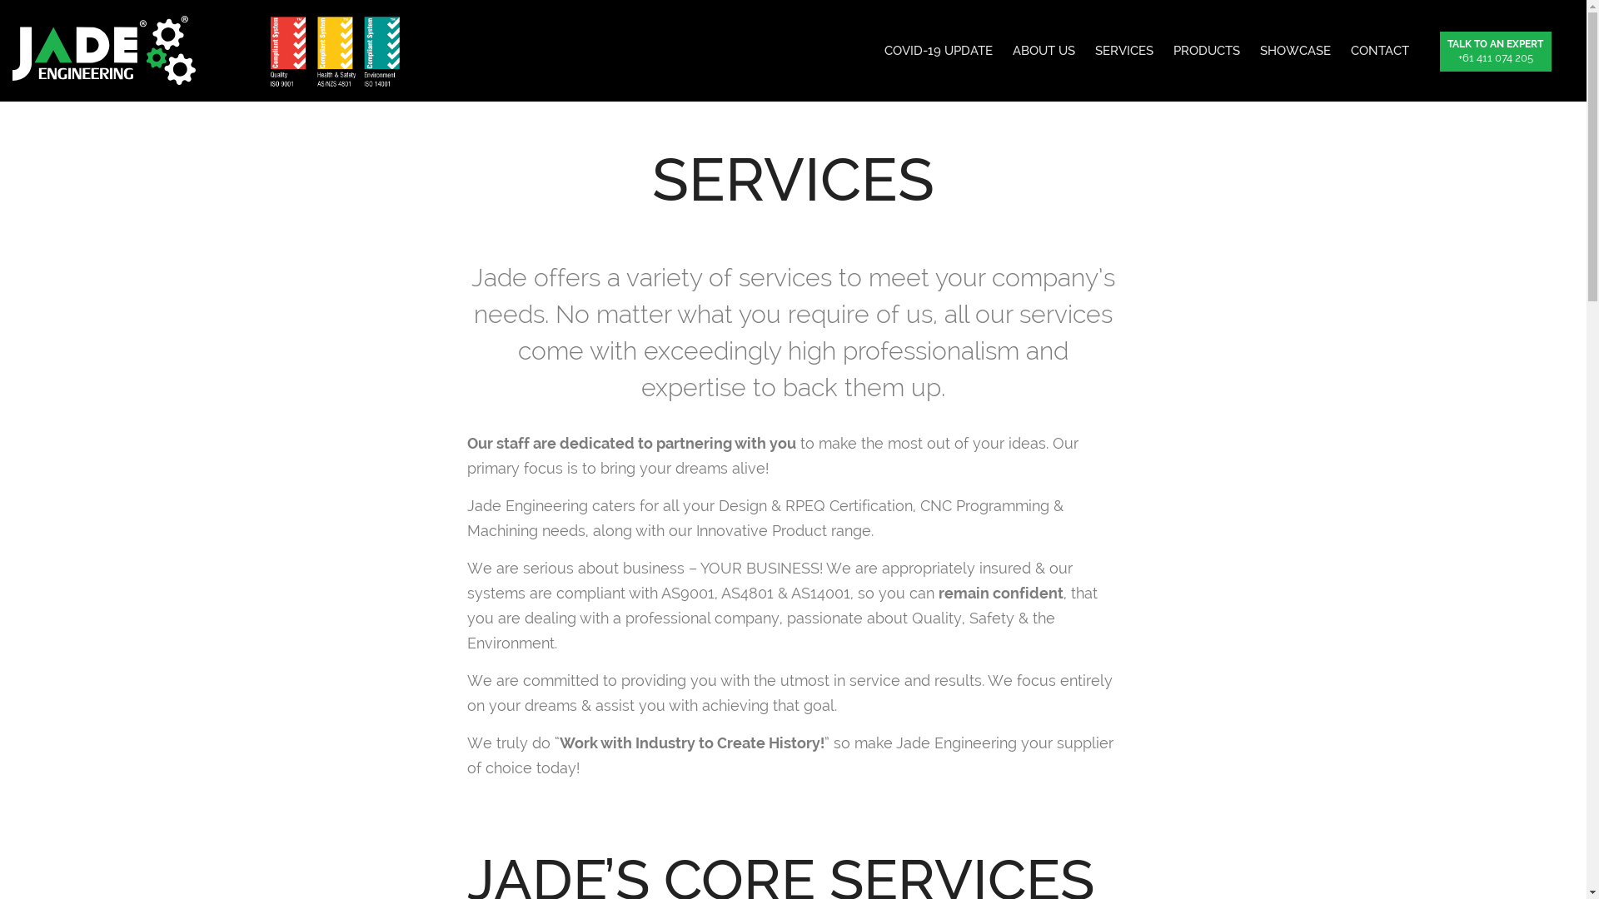 This screenshot has width=1599, height=899. What do you see at coordinates (1043, 50) in the screenshot?
I see `'ABOUT US'` at bounding box center [1043, 50].